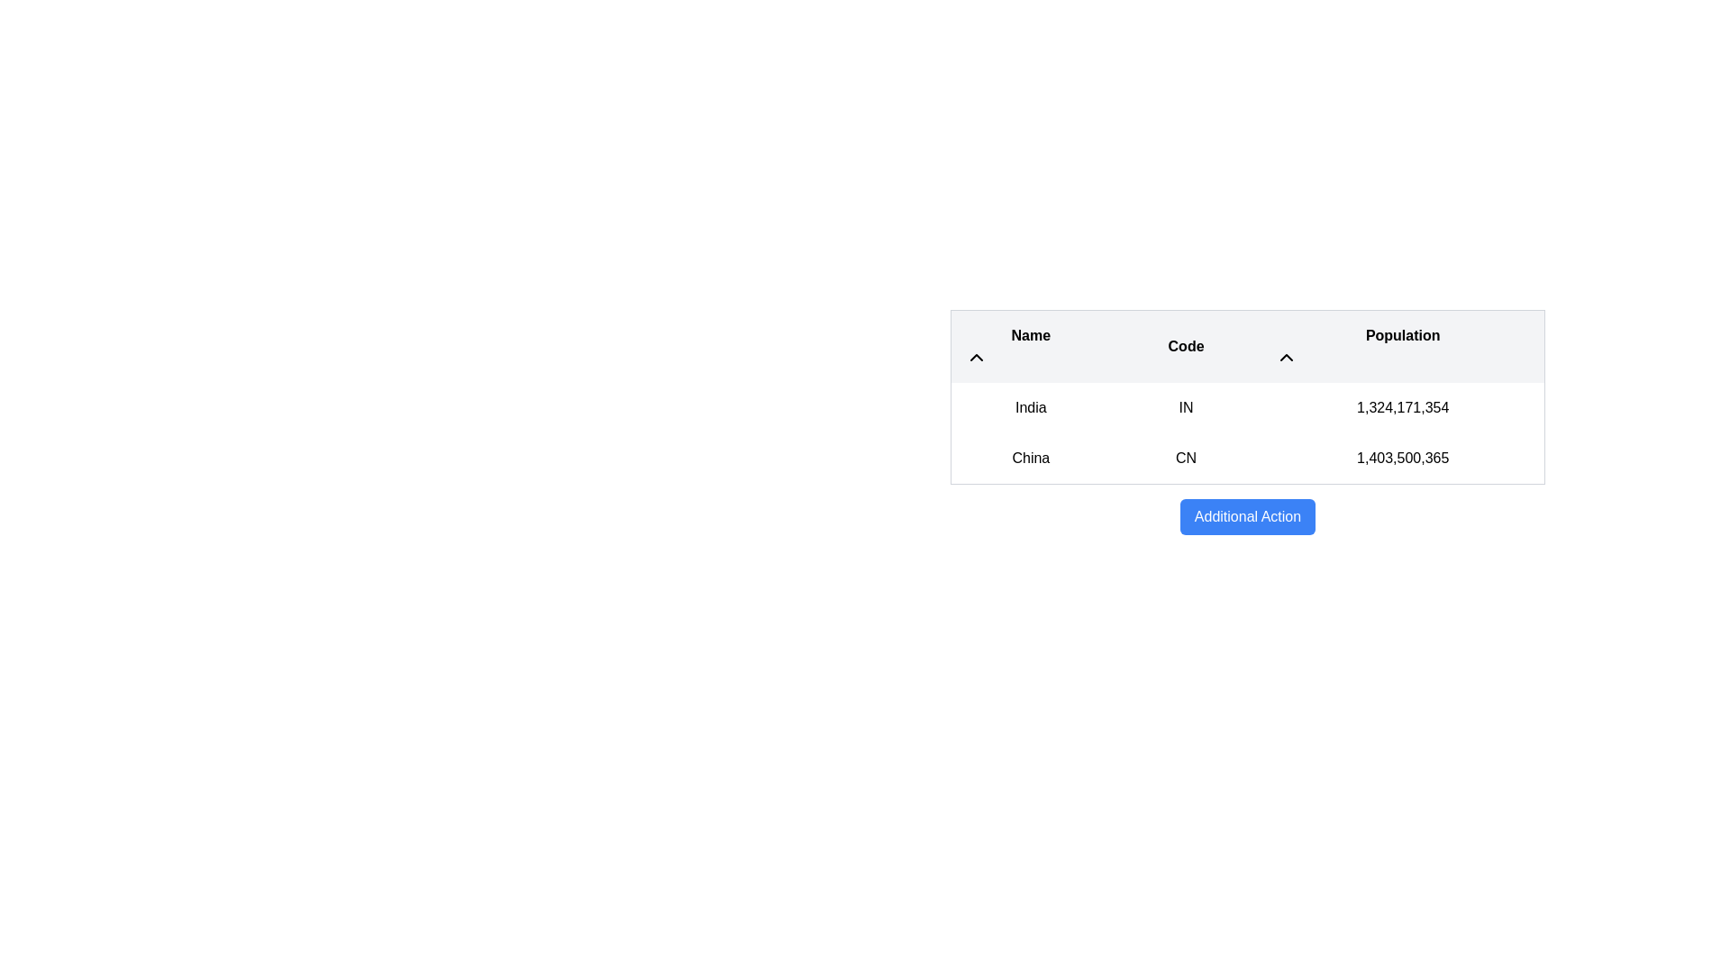  What do you see at coordinates (1402, 458) in the screenshot?
I see `numeric data displayed in the table cell containing '1,403,500,365' for the 'China' entry in the 'Population' column` at bounding box center [1402, 458].